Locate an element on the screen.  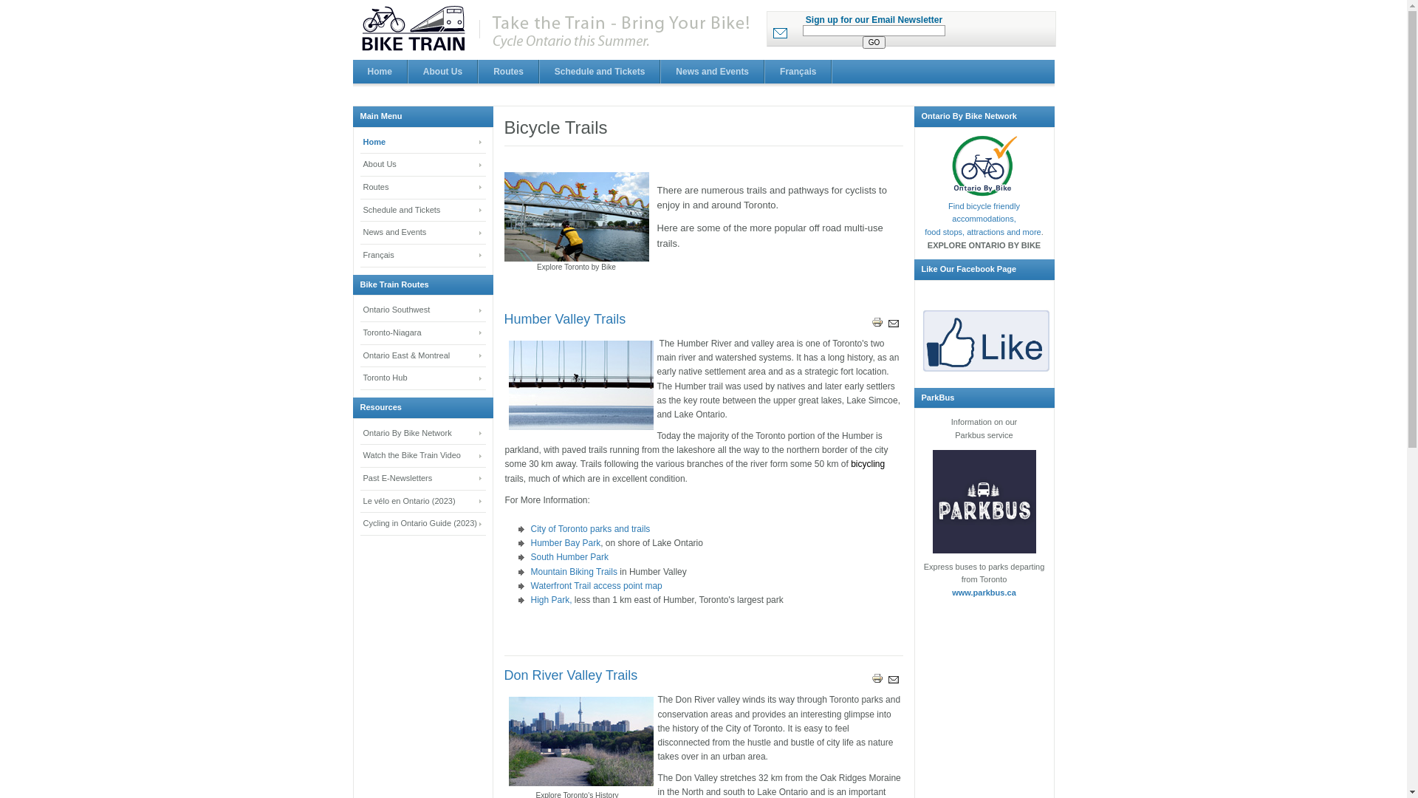
'Waterfront Trail access point map' is located at coordinates (595, 585).